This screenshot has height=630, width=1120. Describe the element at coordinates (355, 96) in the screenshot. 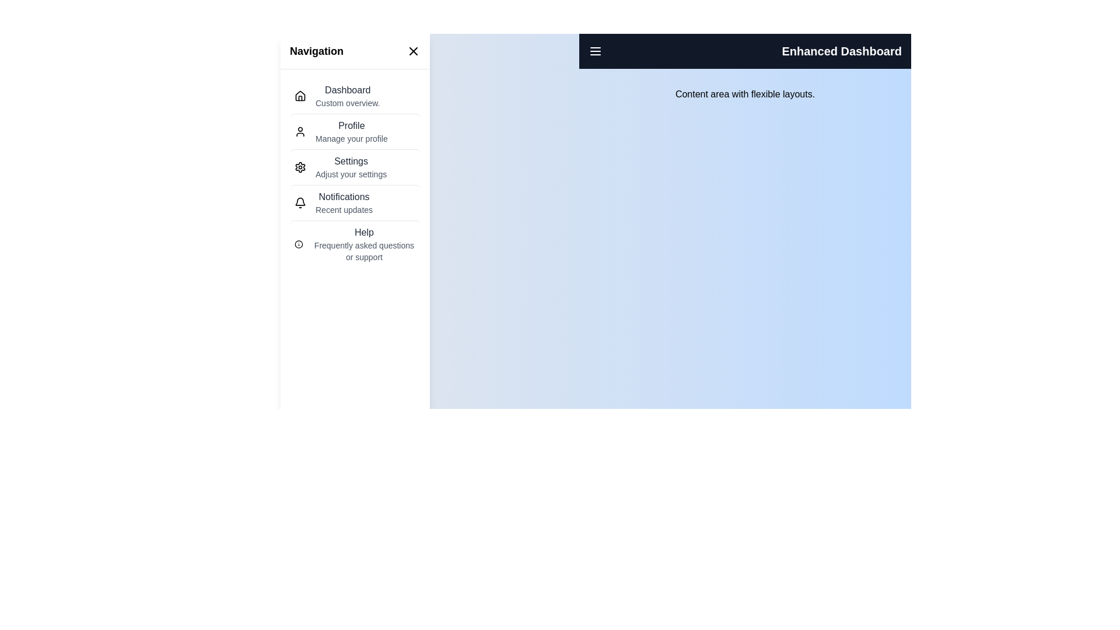

I see `the topmost navigation menu item that leads to the dashboard section` at that location.